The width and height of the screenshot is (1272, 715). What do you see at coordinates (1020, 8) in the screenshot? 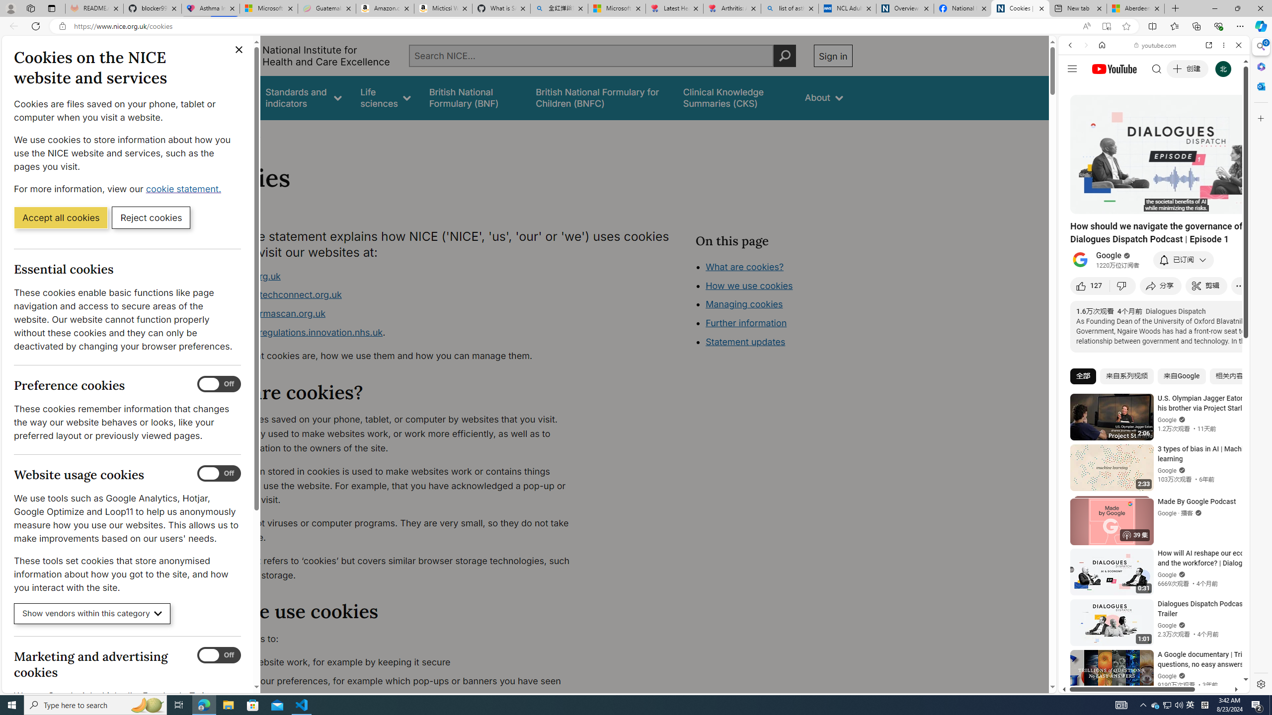
I see `'Cookies | About | NICE'` at bounding box center [1020, 8].